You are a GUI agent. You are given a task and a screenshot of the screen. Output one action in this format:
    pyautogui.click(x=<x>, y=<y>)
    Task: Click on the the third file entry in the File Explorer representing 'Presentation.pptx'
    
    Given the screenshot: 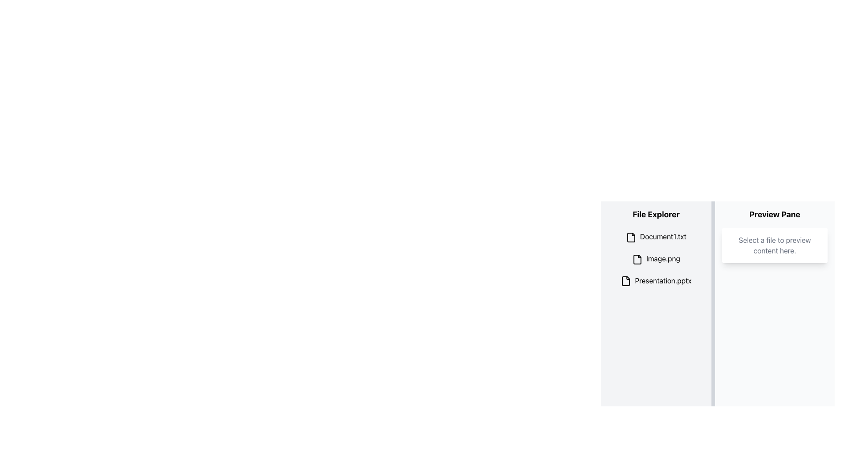 What is the action you would take?
    pyautogui.click(x=656, y=281)
    